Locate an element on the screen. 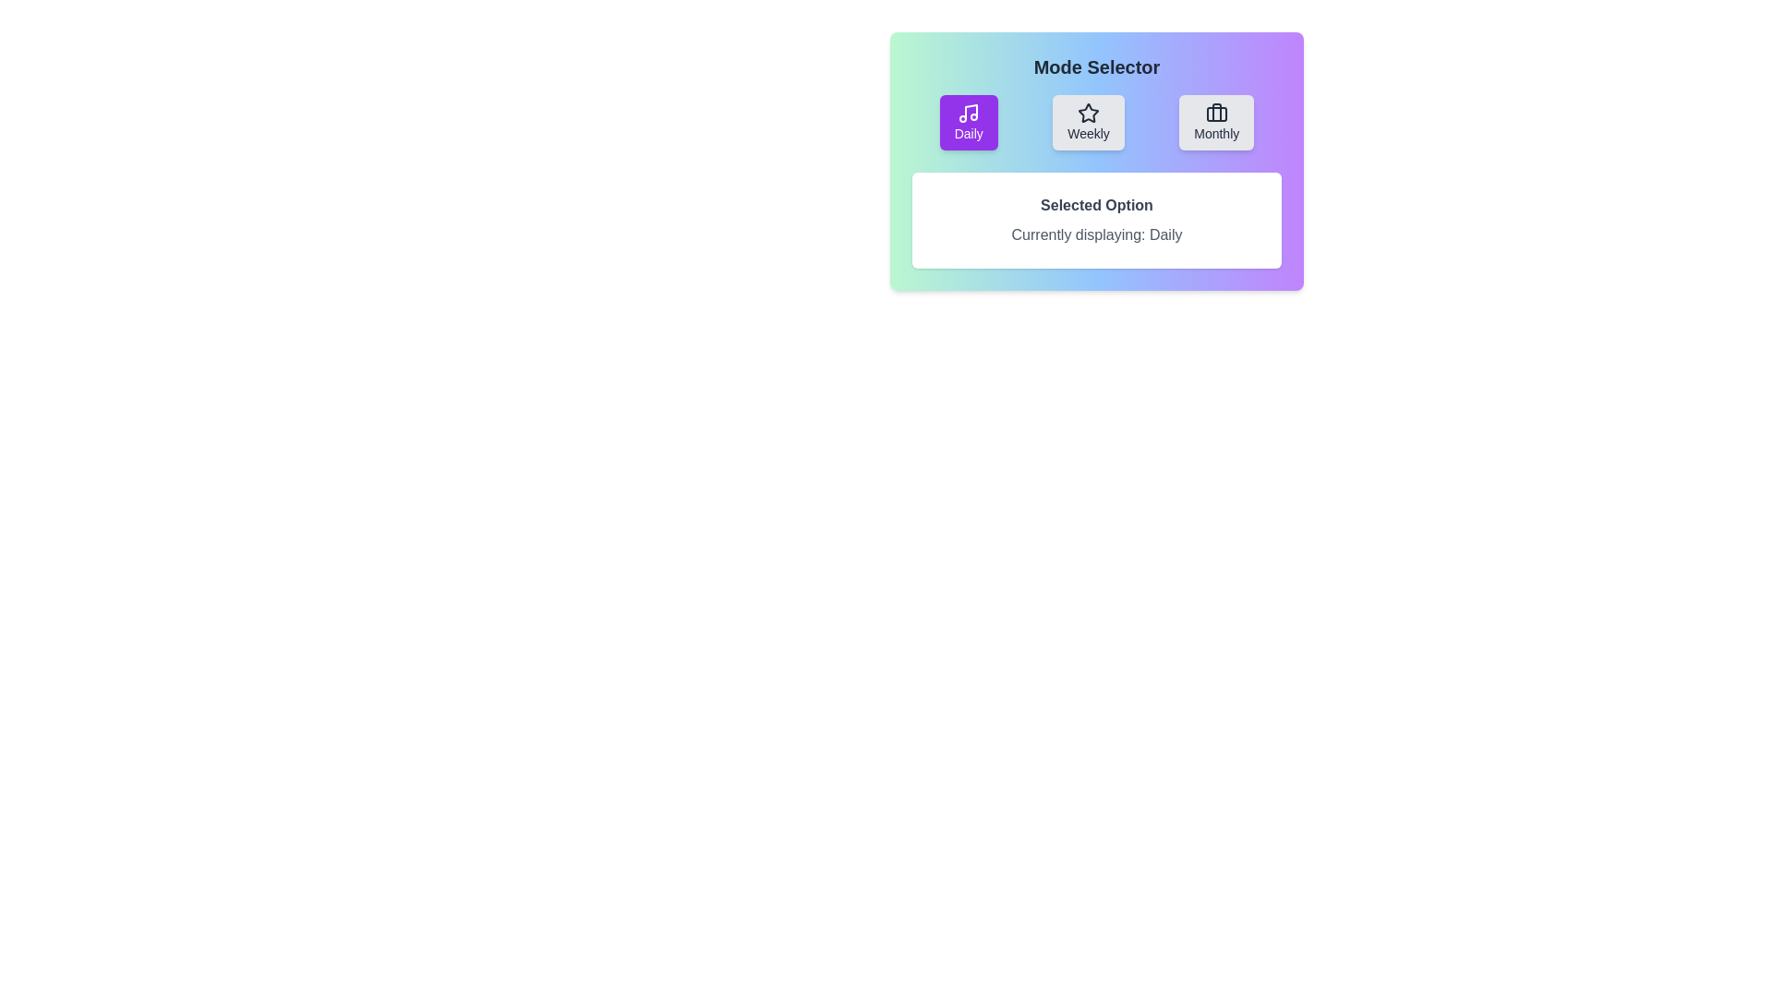  the decorative rectangular sub-element representing the bottom section of the briefcase icon within the SVG component is located at coordinates (1216, 114).